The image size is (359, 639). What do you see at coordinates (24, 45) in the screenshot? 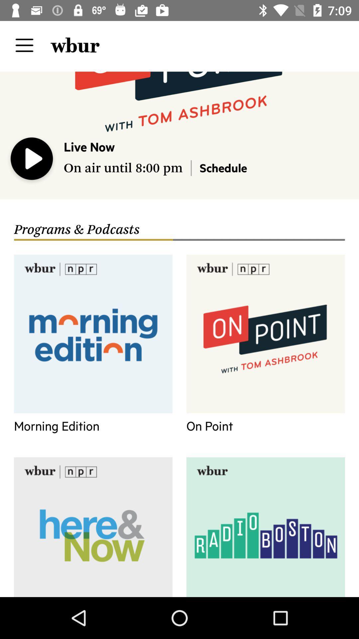
I see `menu` at bounding box center [24, 45].